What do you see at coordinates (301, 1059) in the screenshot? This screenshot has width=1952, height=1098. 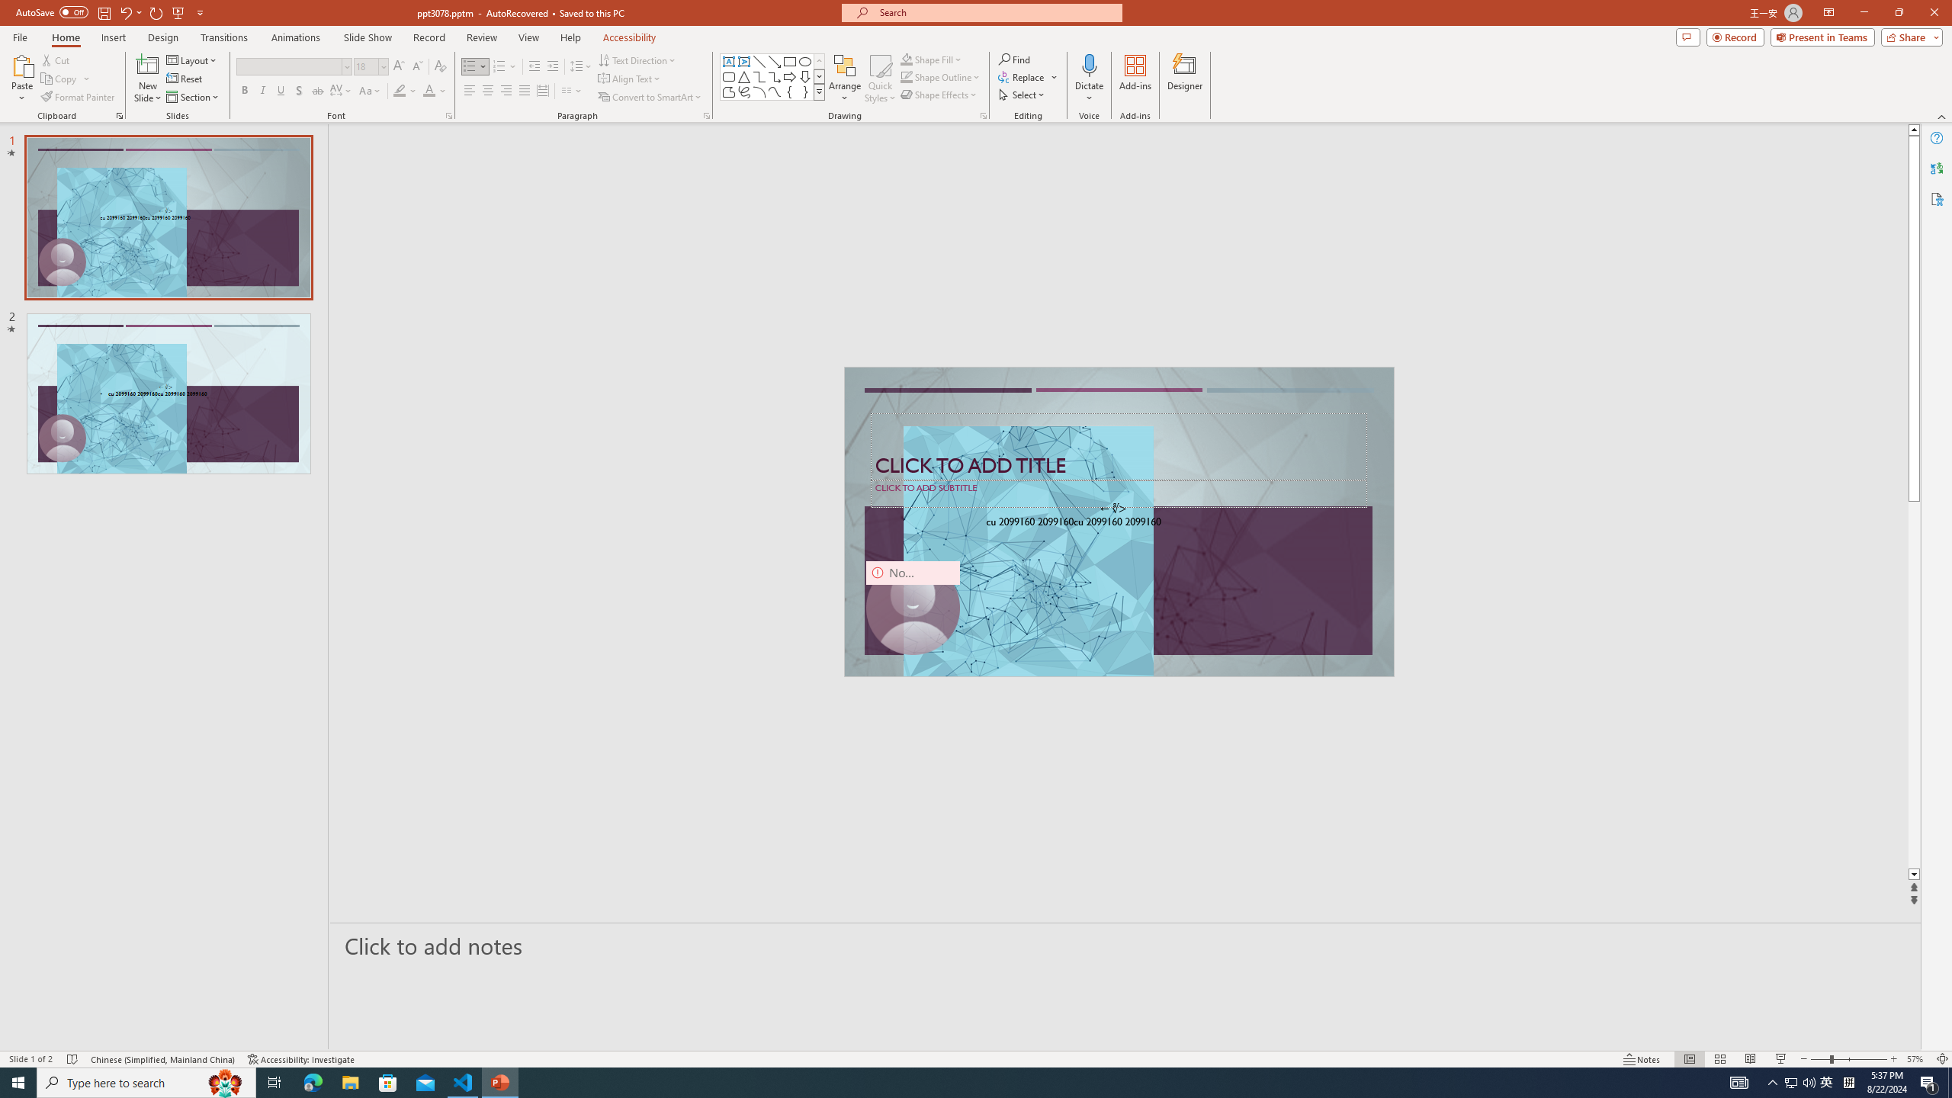 I see `'Accessibility Checker Accessibility: Investigate'` at bounding box center [301, 1059].